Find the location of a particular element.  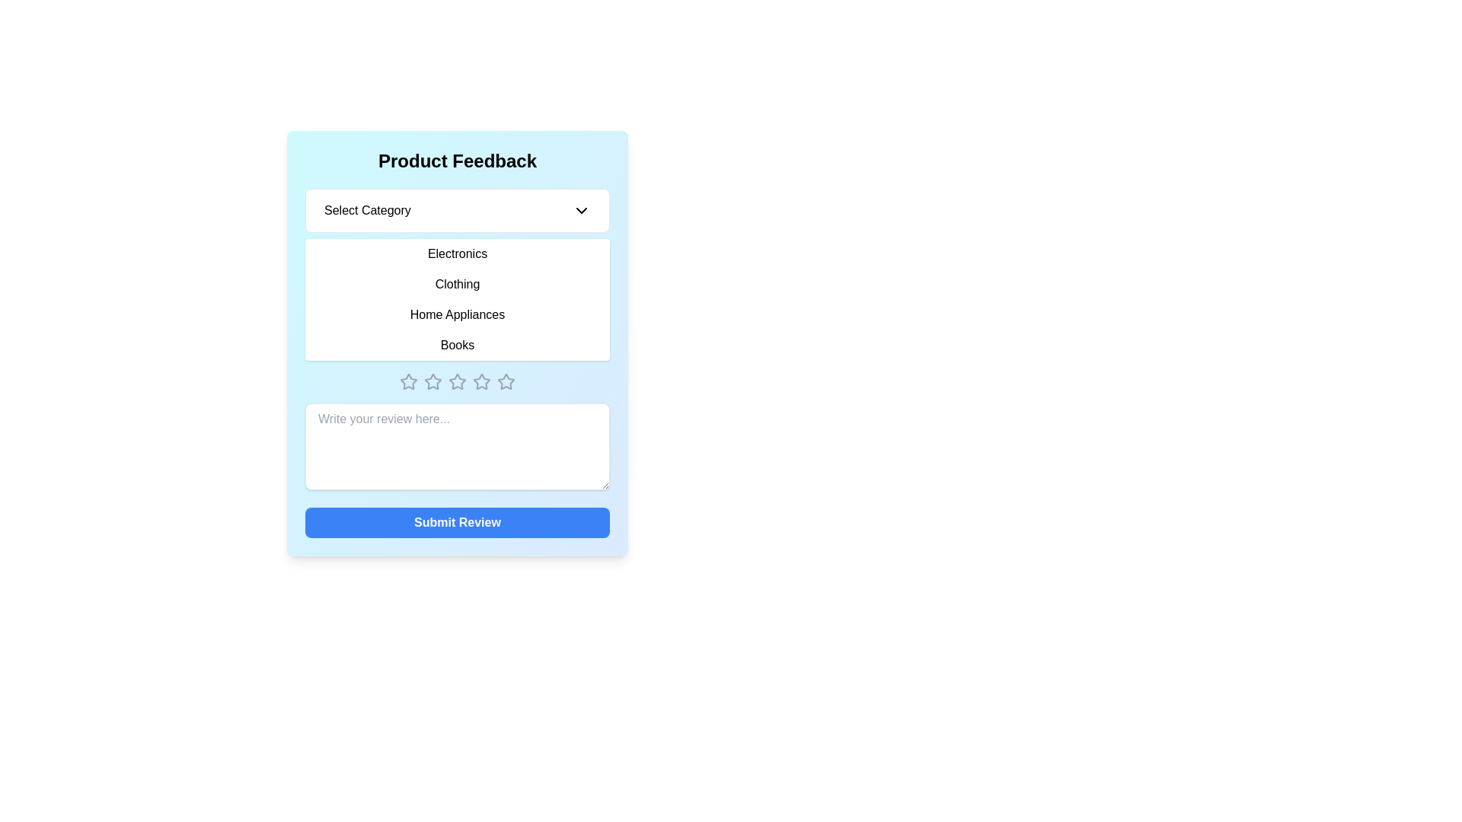

the third star icon, which is a light gray outlined star used for rating is located at coordinates (481, 381).